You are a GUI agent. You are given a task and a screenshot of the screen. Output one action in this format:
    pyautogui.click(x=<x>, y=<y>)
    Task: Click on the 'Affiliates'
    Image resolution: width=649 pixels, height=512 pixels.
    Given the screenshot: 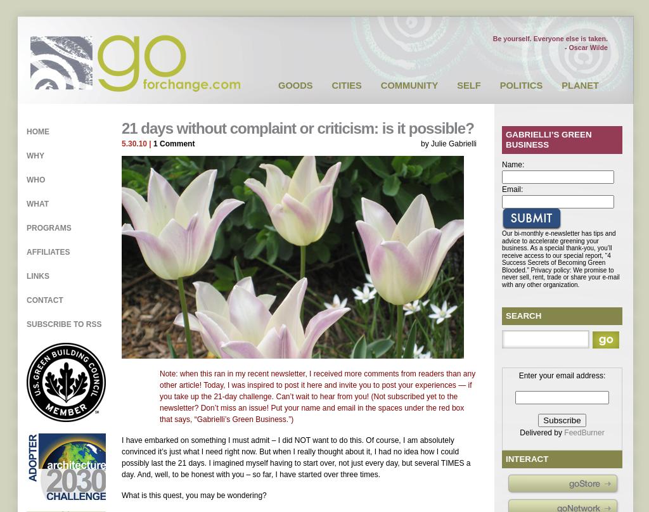 What is the action you would take?
    pyautogui.click(x=47, y=252)
    